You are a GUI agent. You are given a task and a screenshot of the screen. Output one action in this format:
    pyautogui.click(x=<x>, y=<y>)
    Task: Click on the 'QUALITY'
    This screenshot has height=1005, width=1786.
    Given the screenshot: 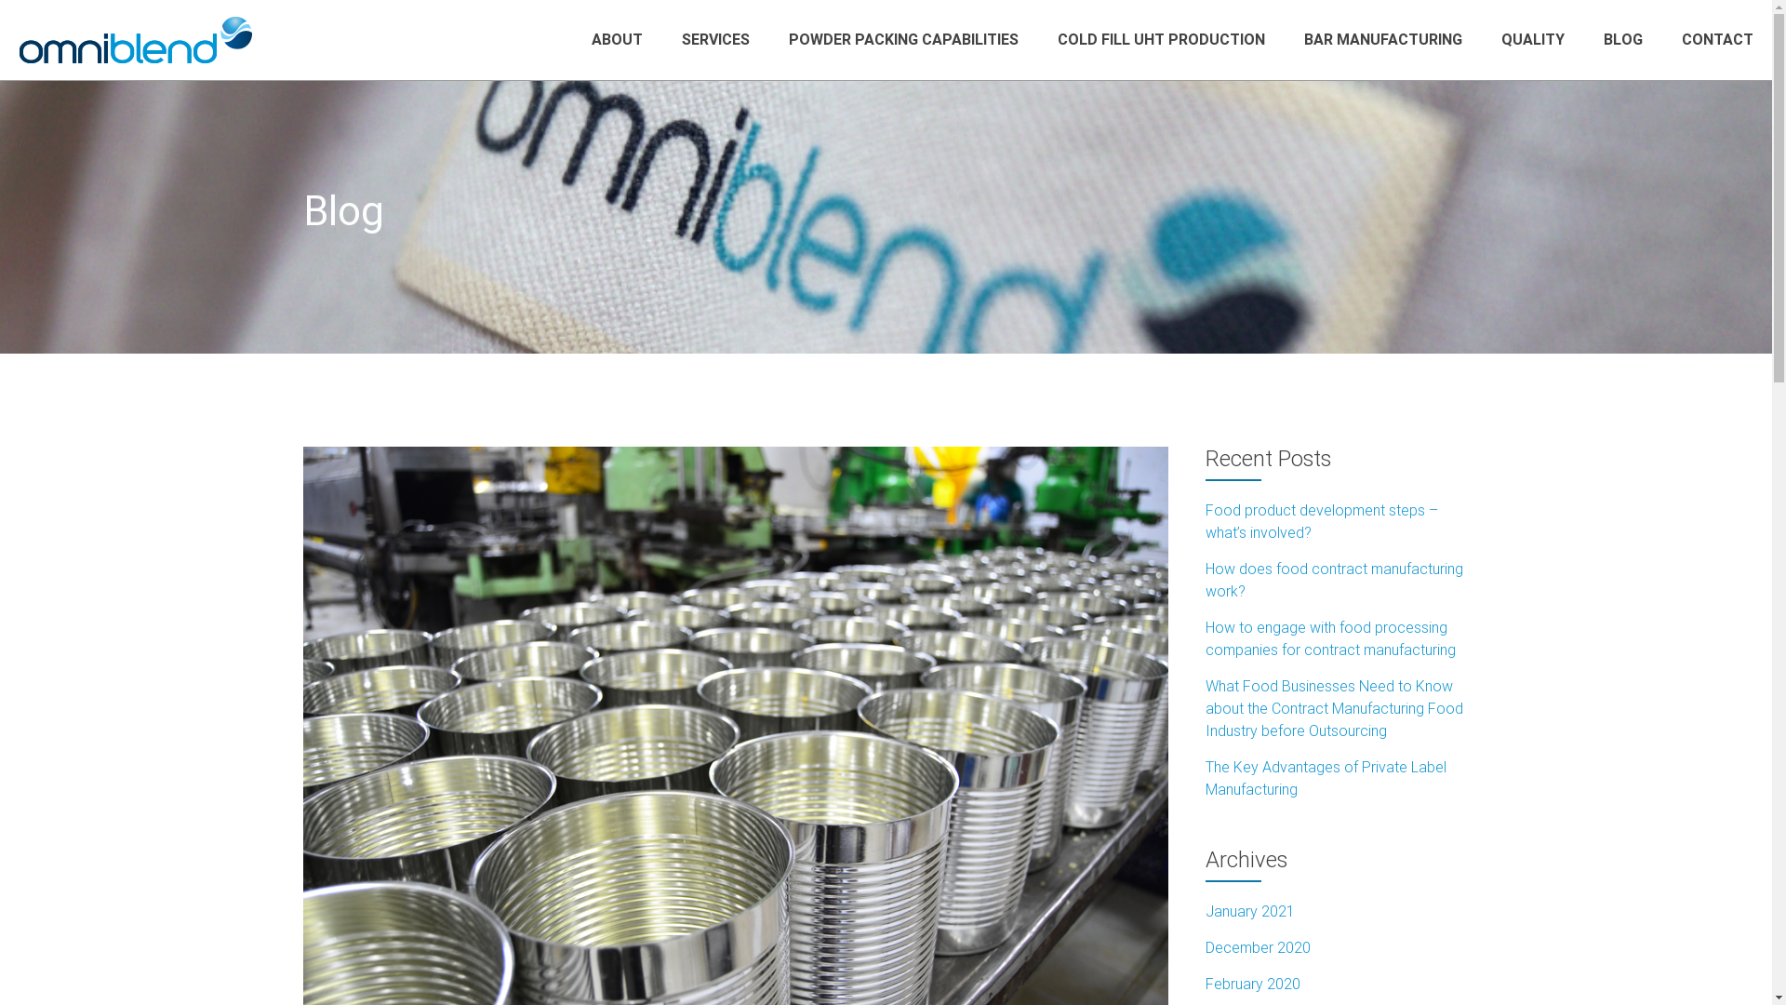 What is the action you would take?
    pyautogui.click(x=1532, y=39)
    